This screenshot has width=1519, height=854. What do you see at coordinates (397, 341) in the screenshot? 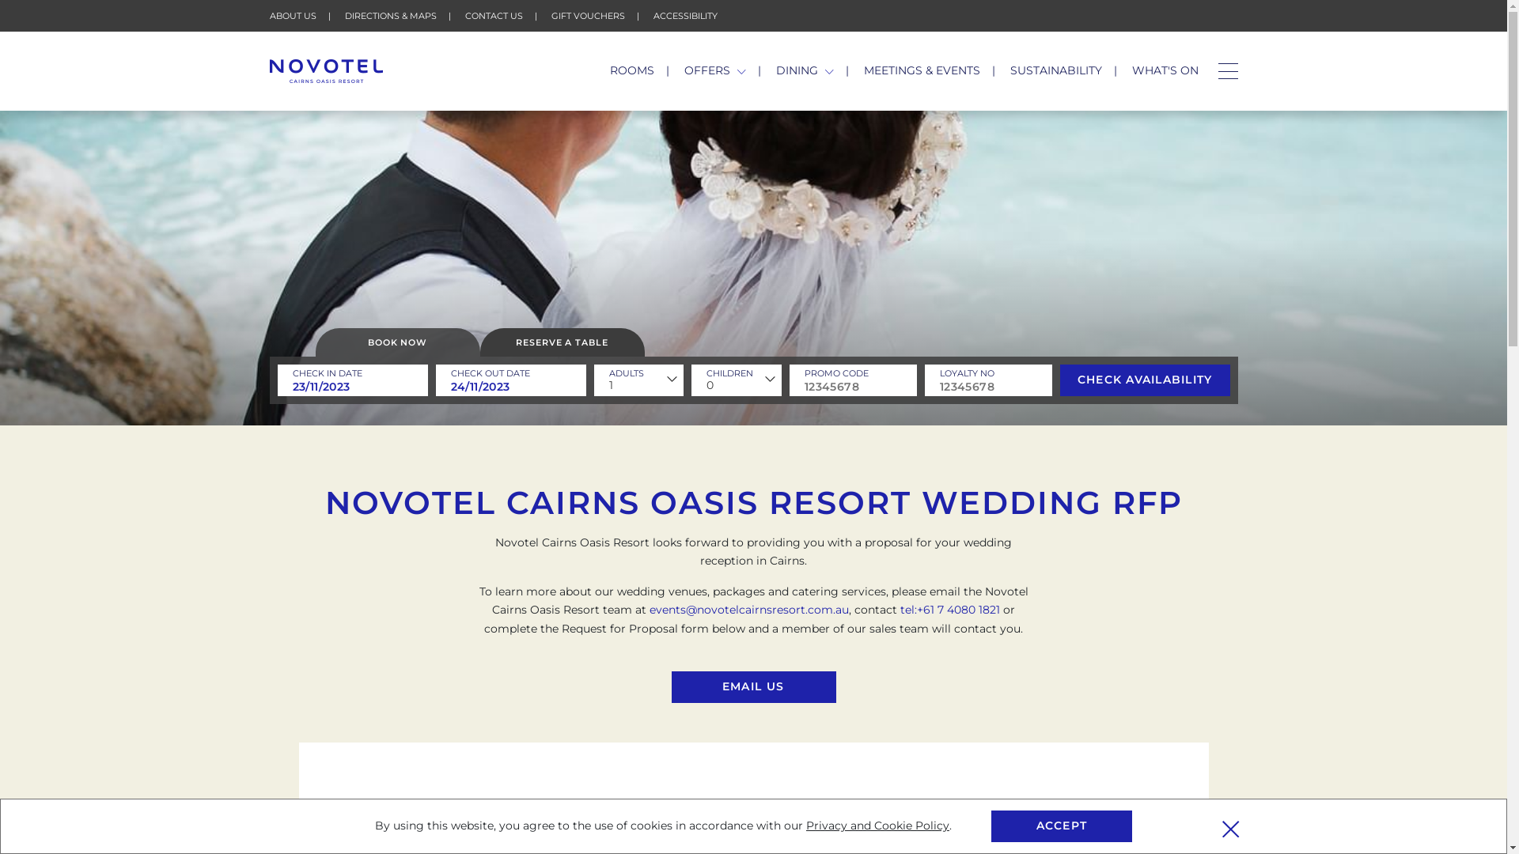
I see `'BOOK NOW'` at bounding box center [397, 341].